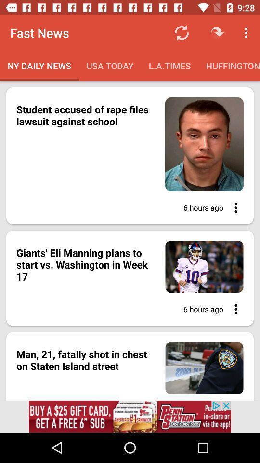 This screenshot has width=260, height=463. Describe the element at coordinates (130, 156) in the screenshot. I see `the first image` at that location.